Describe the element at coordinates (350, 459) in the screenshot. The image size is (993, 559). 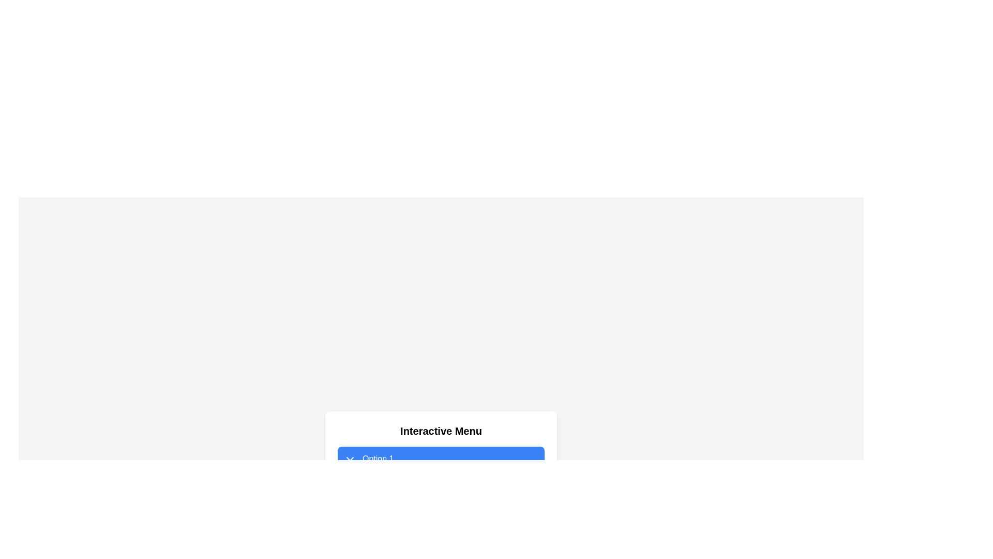
I see `the drop-down menu indicator icon next to 'Option 1'` at that location.